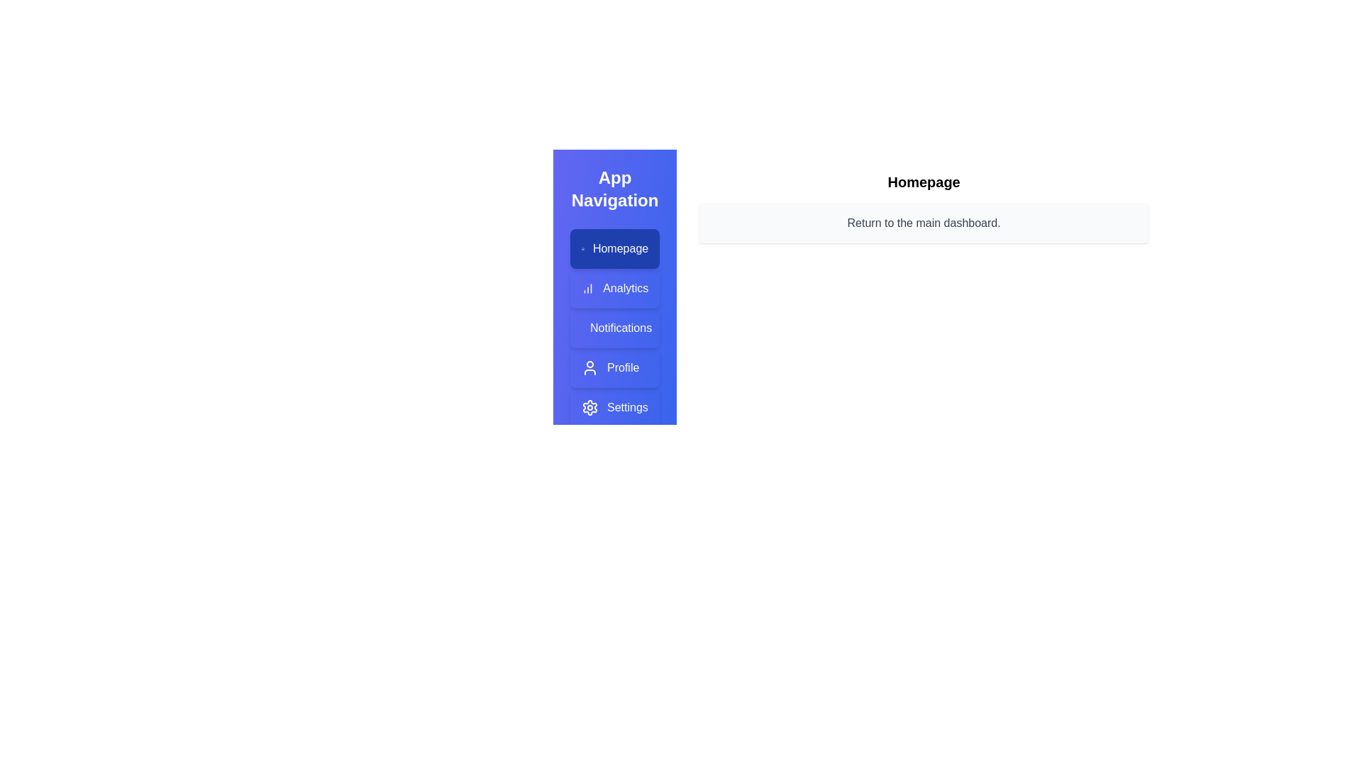 Image resolution: width=1362 pixels, height=766 pixels. I want to click on the 'Analytics' text label in the navigation menu, so click(625, 288).